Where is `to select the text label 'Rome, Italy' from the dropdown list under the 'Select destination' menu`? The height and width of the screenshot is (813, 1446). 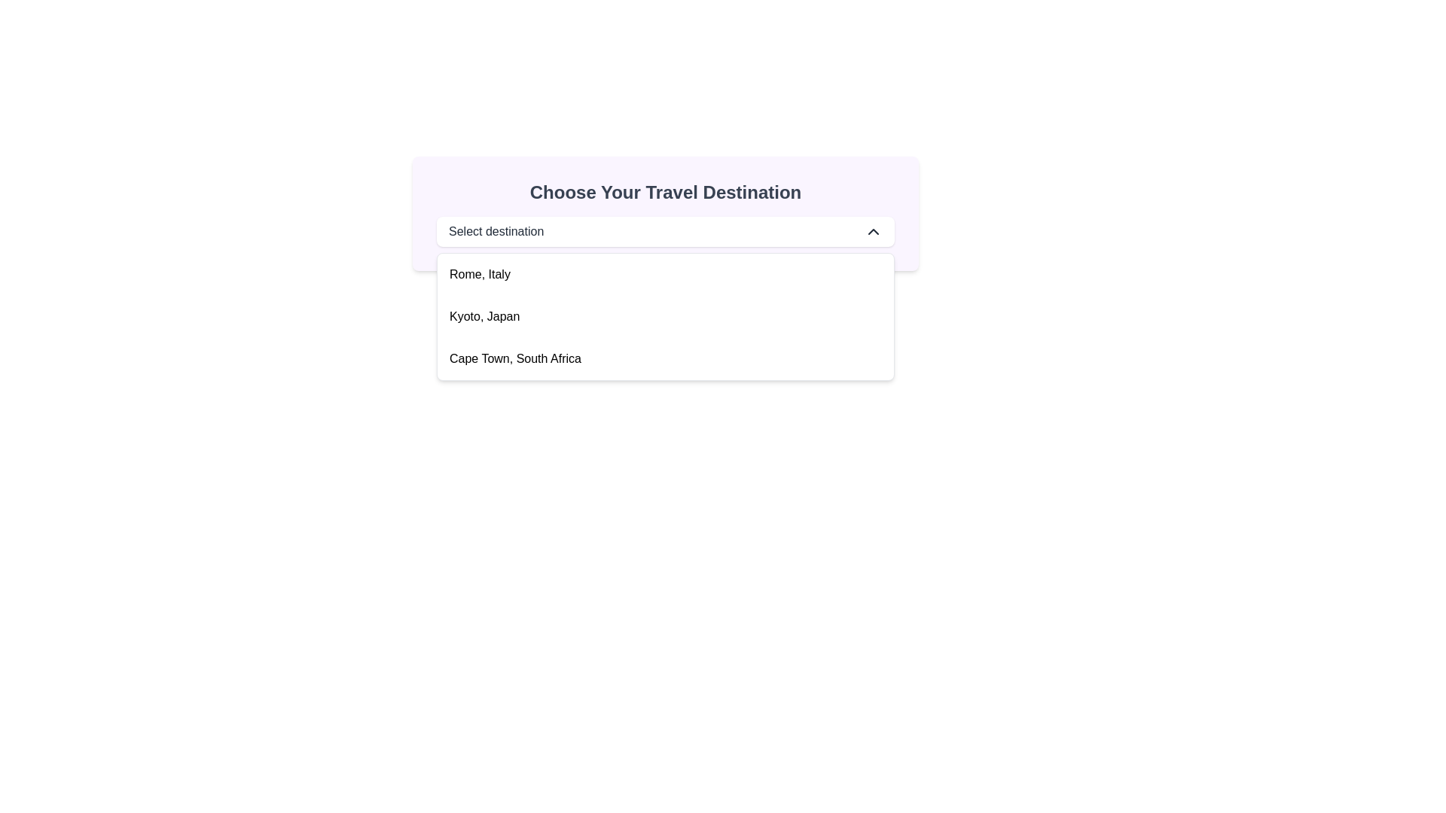
to select the text label 'Rome, Italy' from the dropdown list under the 'Select destination' menu is located at coordinates (479, 275).